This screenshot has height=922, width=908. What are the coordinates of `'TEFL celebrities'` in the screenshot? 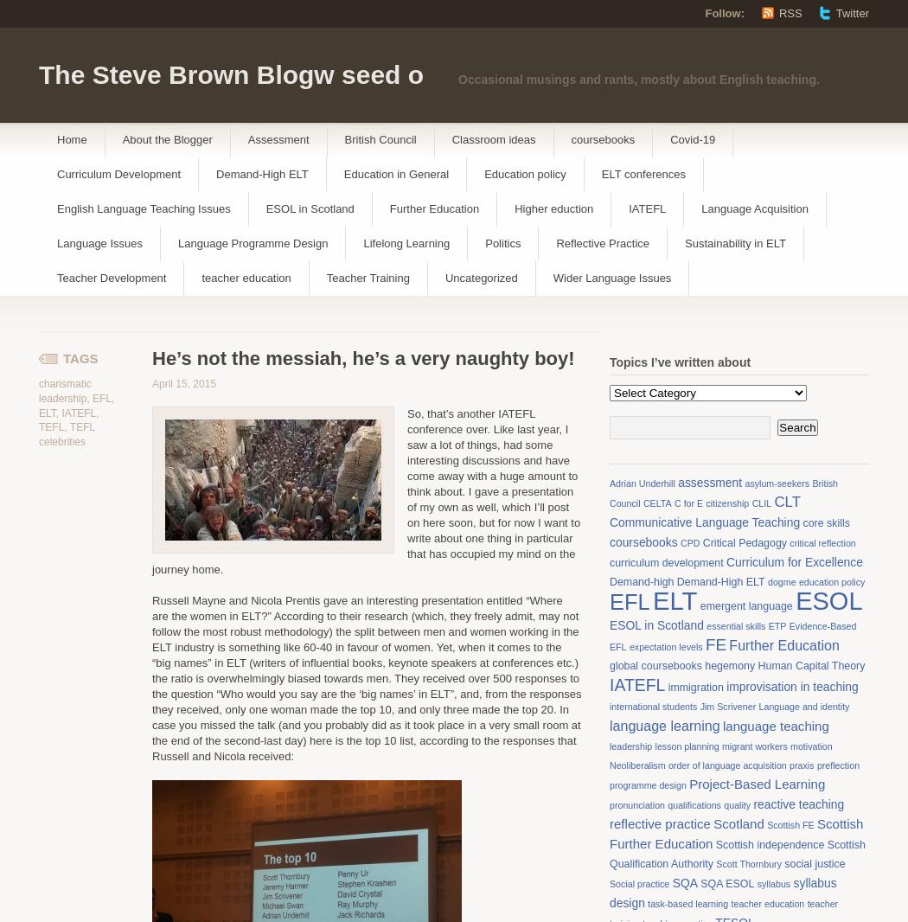 It's located at (66, 434).